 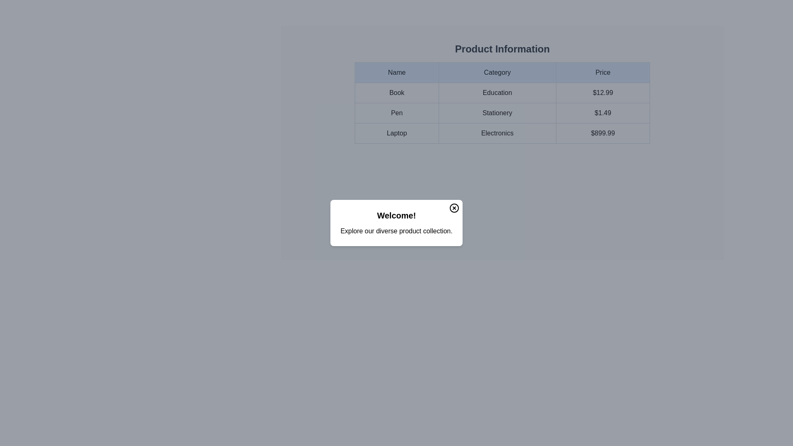 What do you see at coordinates (502, 133) in the screenshot?
I see `the 'Electronics' text display located in the third row of the grid under the 'Category' column` at bounding box center [502, 133].